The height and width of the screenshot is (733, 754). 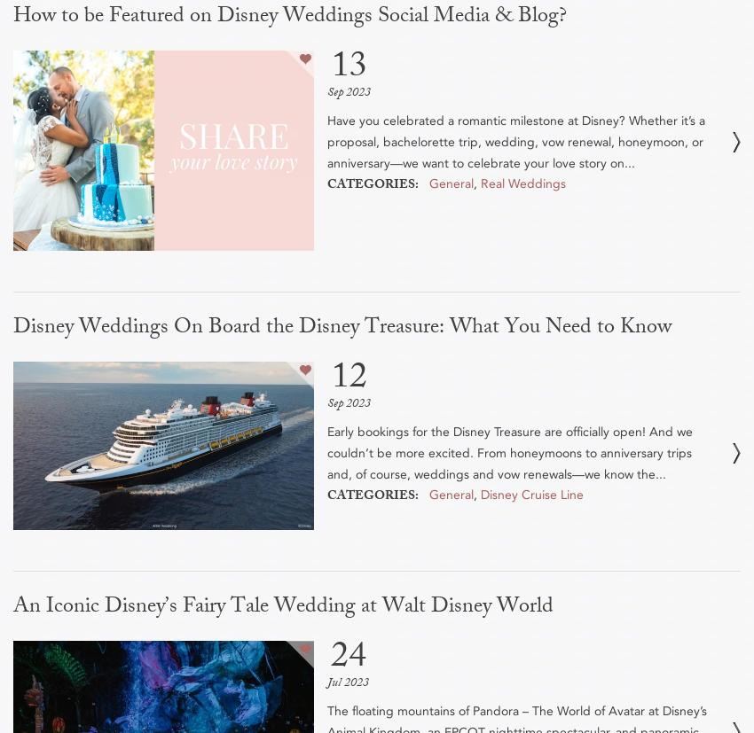 What do you see at coordinates (328, 659) in the screenshot?
I see `'24'` at bounding box center [328, 659].